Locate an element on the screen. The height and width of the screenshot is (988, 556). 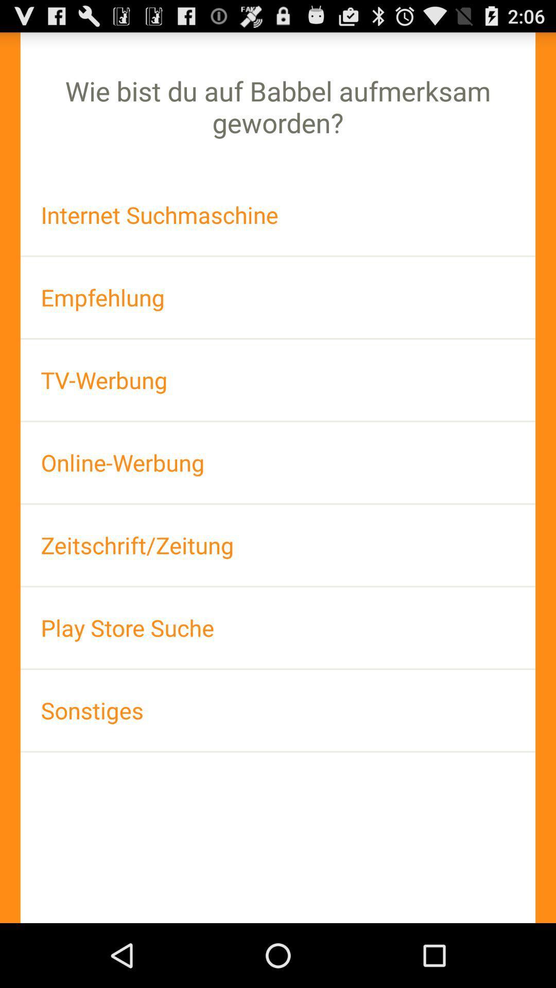
item below the wie bist du app is located at coordinates (278, 214).